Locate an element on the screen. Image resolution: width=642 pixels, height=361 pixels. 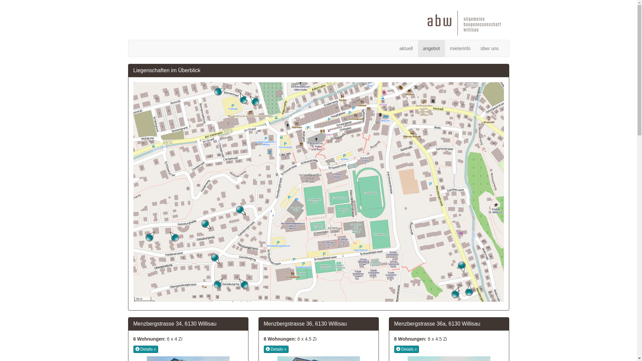
'mieterinfo' is located at coordinates (460, 48).